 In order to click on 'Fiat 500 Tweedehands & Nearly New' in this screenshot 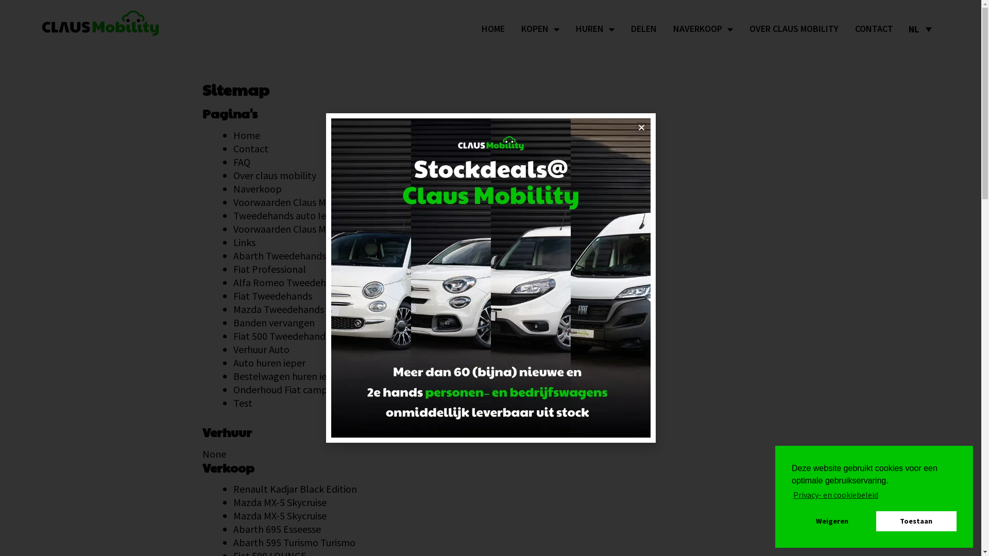, I will do `click(311, 336)`.